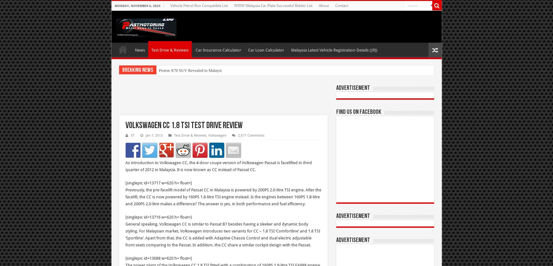 This screenshot has width=553, height=266. I want to click on 'Test Drive & Reviews', so click(190, 135).